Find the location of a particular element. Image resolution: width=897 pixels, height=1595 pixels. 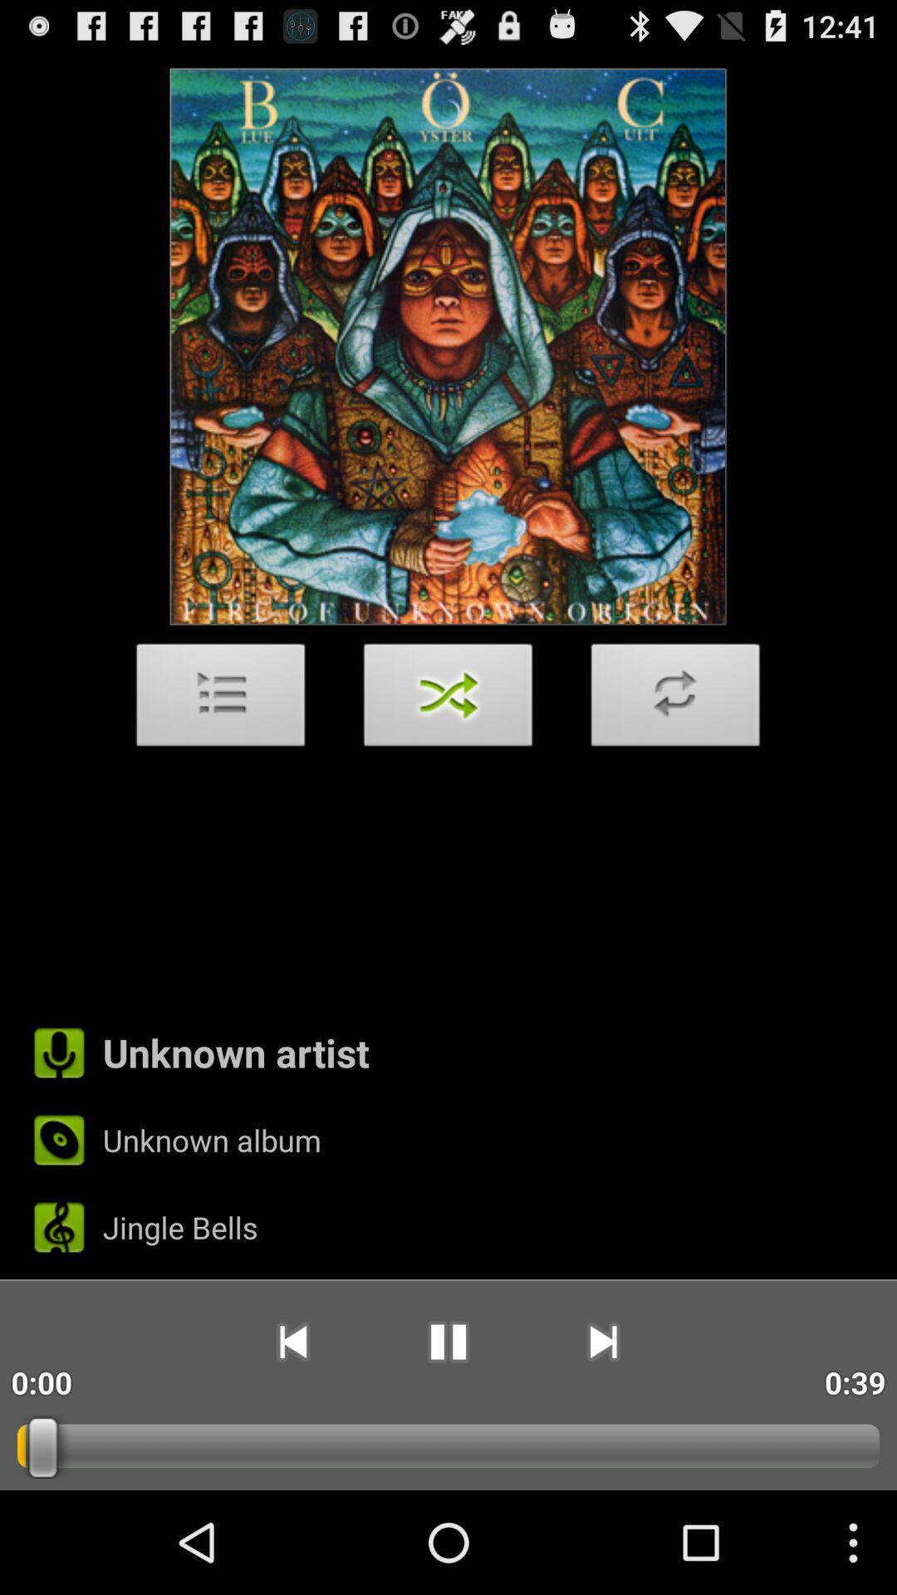

the app above unknown artist app is located at coordinates (448, 699).